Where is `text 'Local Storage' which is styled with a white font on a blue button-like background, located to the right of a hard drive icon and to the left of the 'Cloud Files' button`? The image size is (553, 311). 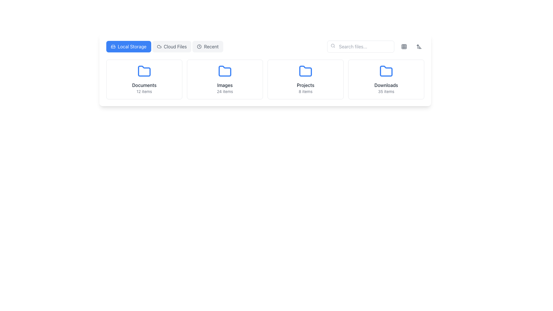
text 'Local Storage' which is styled with a white font on a blue button-like background, located to the right of a hard drive icon and to the left of the 'Cloud Files' button is located at coordinates (132, 46).